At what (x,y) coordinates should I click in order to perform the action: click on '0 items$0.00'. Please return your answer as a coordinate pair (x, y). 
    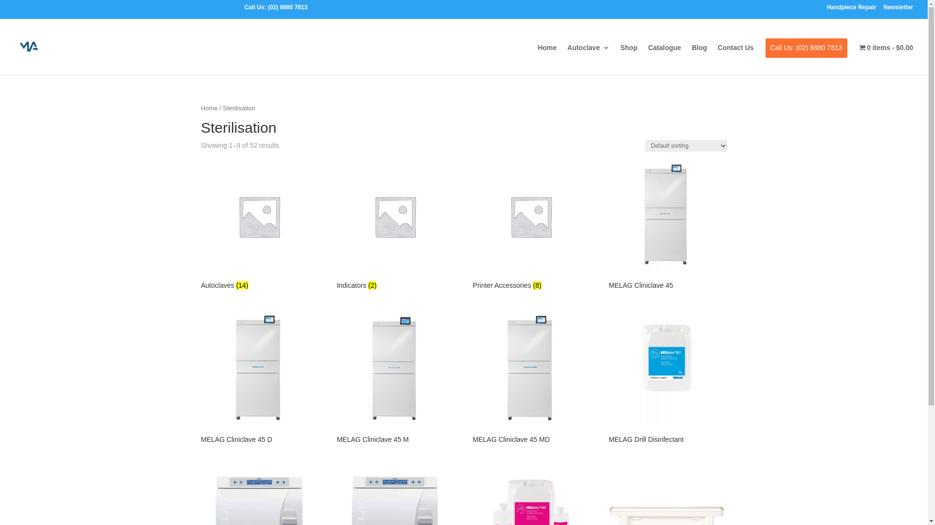
    Looking at the image, I should click on (859, 55).